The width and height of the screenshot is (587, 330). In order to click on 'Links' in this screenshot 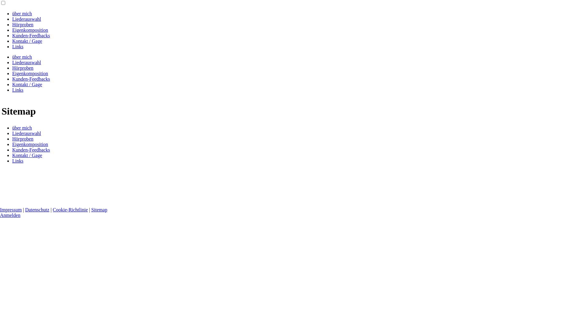, I will do `click(17, 46)`.